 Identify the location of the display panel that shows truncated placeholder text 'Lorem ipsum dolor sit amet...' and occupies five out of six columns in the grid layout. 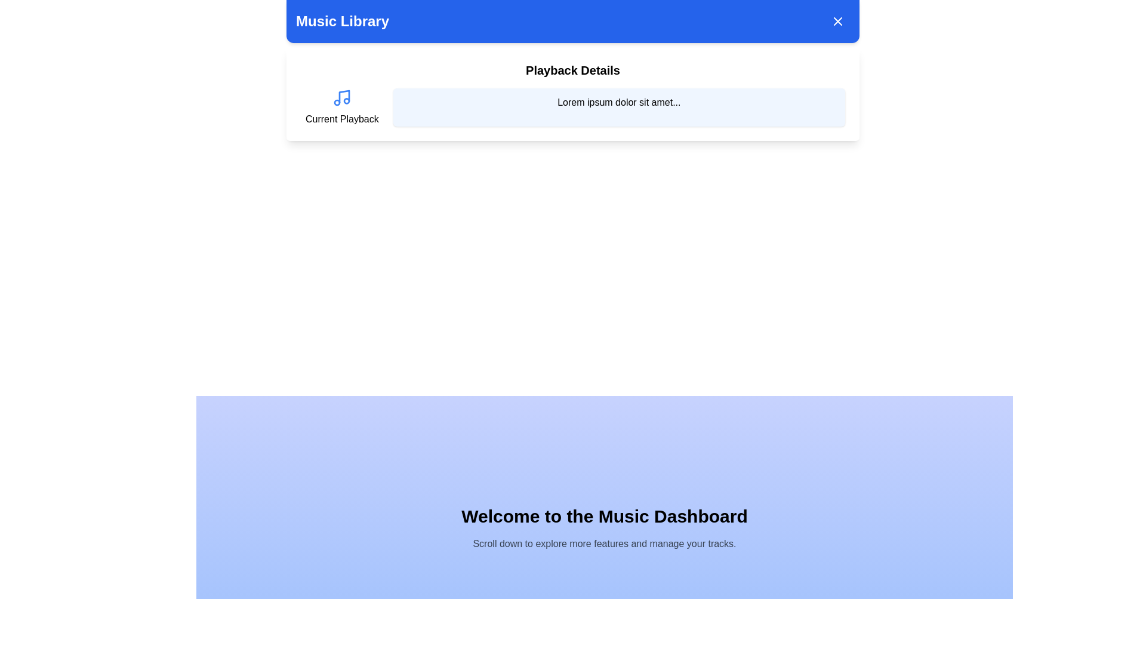
(619, 107).